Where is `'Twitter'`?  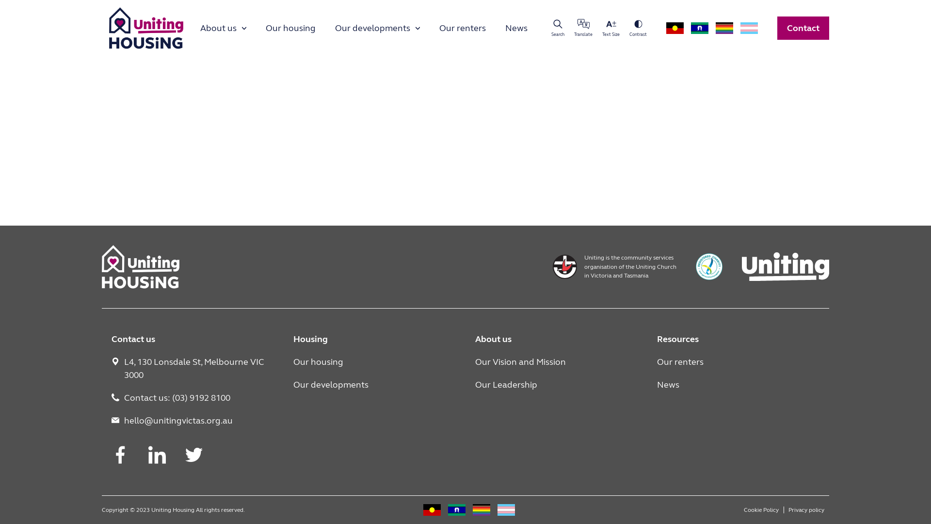
'Twitter' is located at coordinates (193, 455).